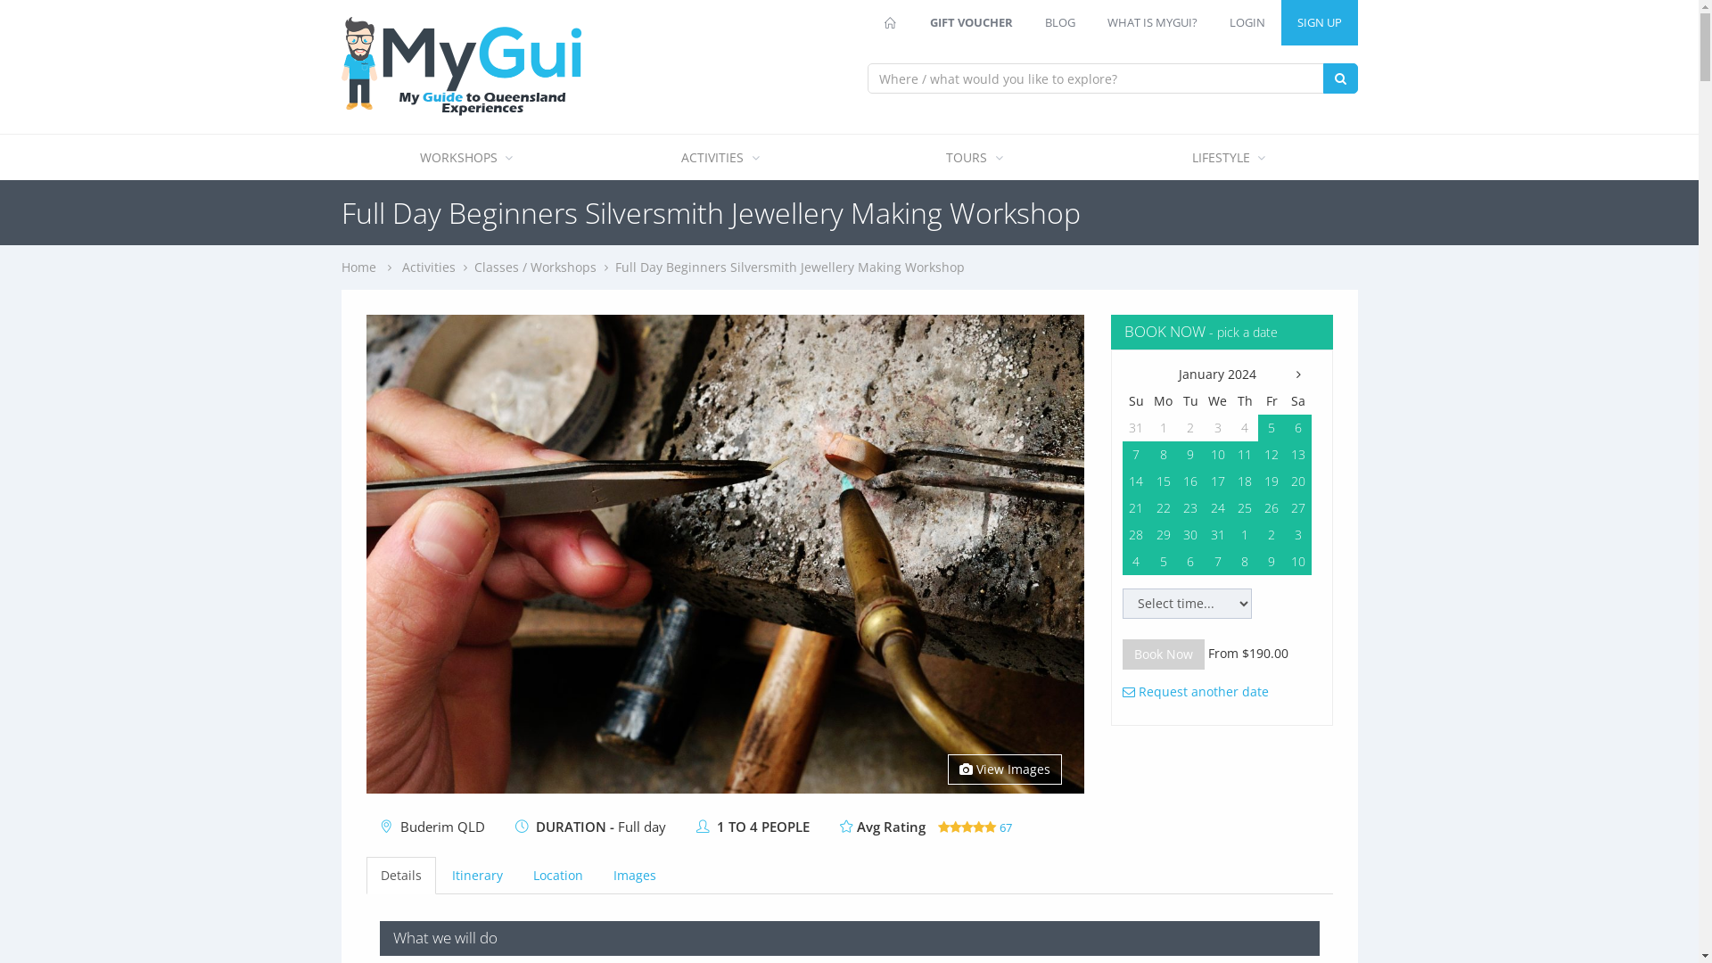 This screenshot has width=1712, height=963. Describe the element at coordinates (1005, 769) in the screenshot. I see `'View Images'` at that location.